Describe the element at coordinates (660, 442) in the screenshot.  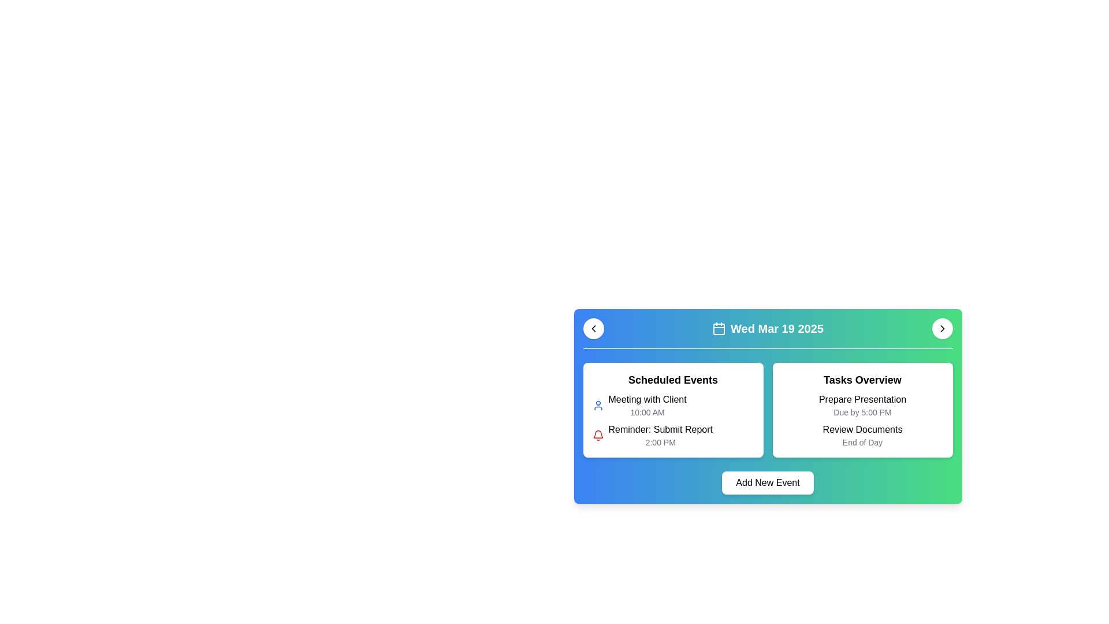
I see `the Text Label displaying '2:00 PM' which is positioned beneath the primary text 'Reminder: Submit Report' in the Scheduled Events section` at that location.